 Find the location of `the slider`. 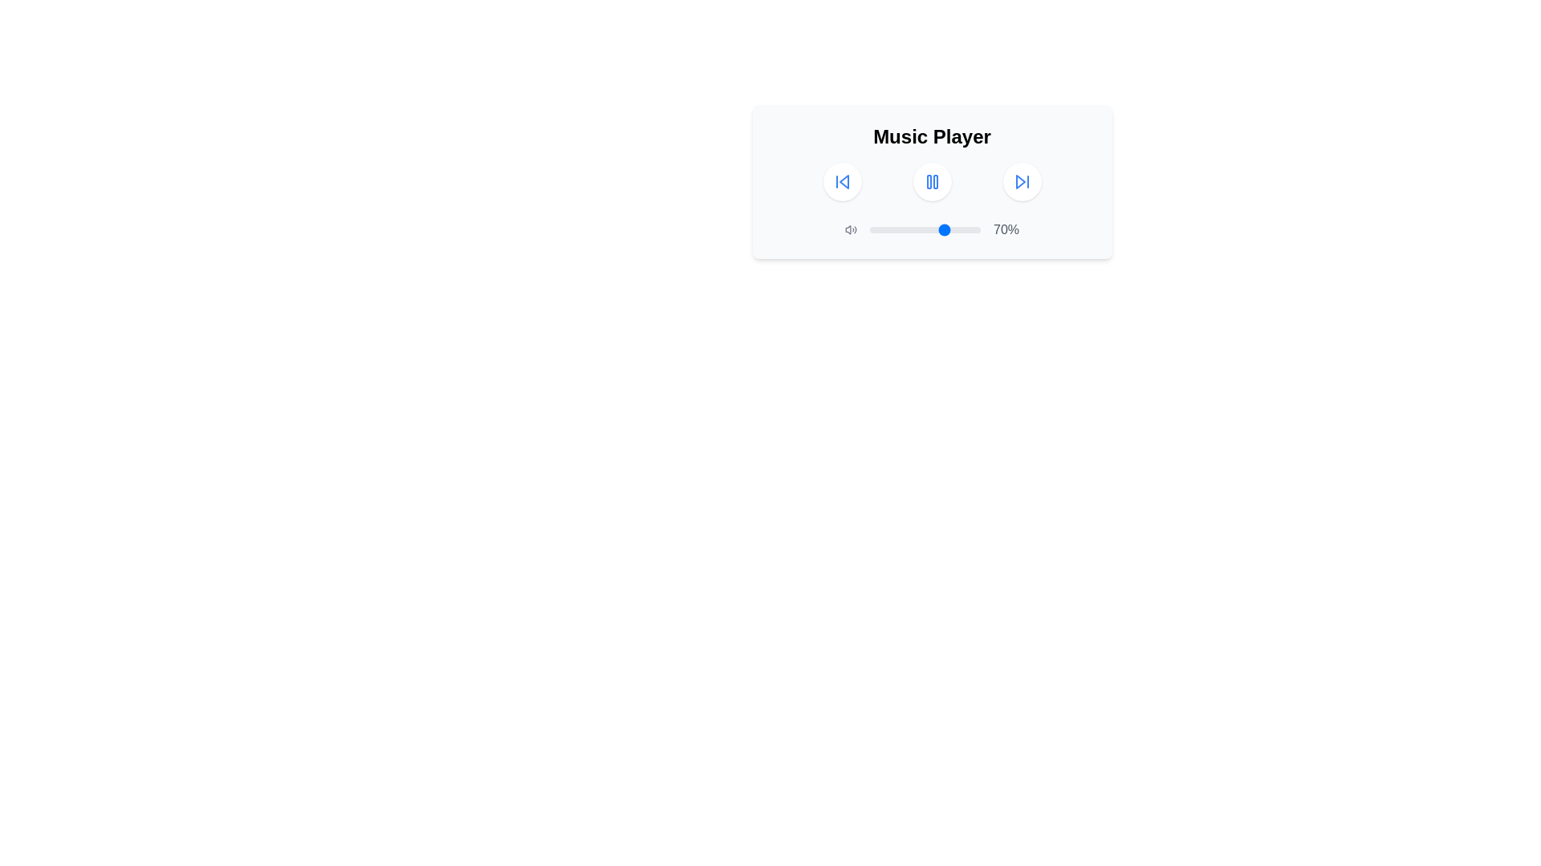

the slider is located at coordinates (893, 229).